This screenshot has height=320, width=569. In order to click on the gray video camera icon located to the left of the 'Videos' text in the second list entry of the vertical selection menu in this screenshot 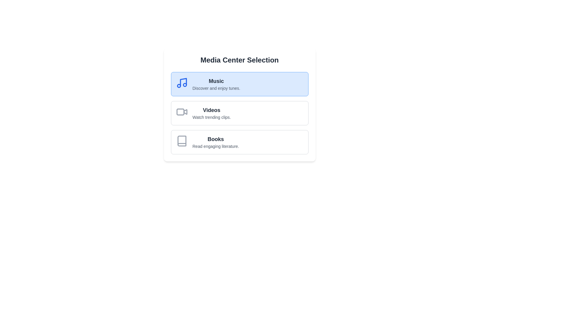, I will do `click(181, 112)`.